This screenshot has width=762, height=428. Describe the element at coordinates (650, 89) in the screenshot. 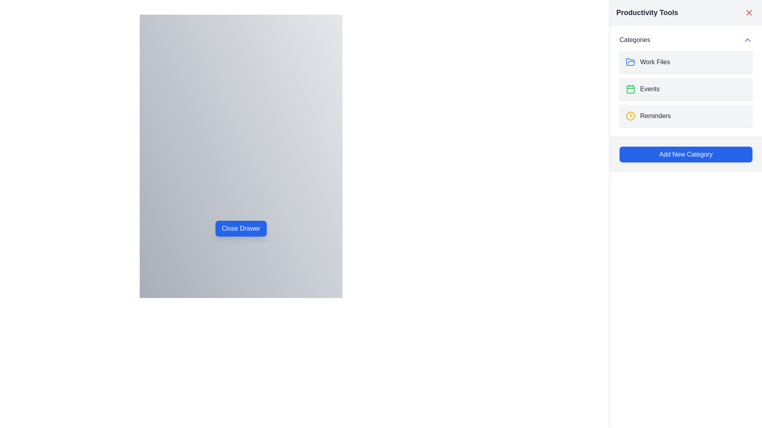

I see `the 'Events' text label, which is the second item in the 'Categories' list and is located to the right of a green calendar icon, within a light gray box` at that location.